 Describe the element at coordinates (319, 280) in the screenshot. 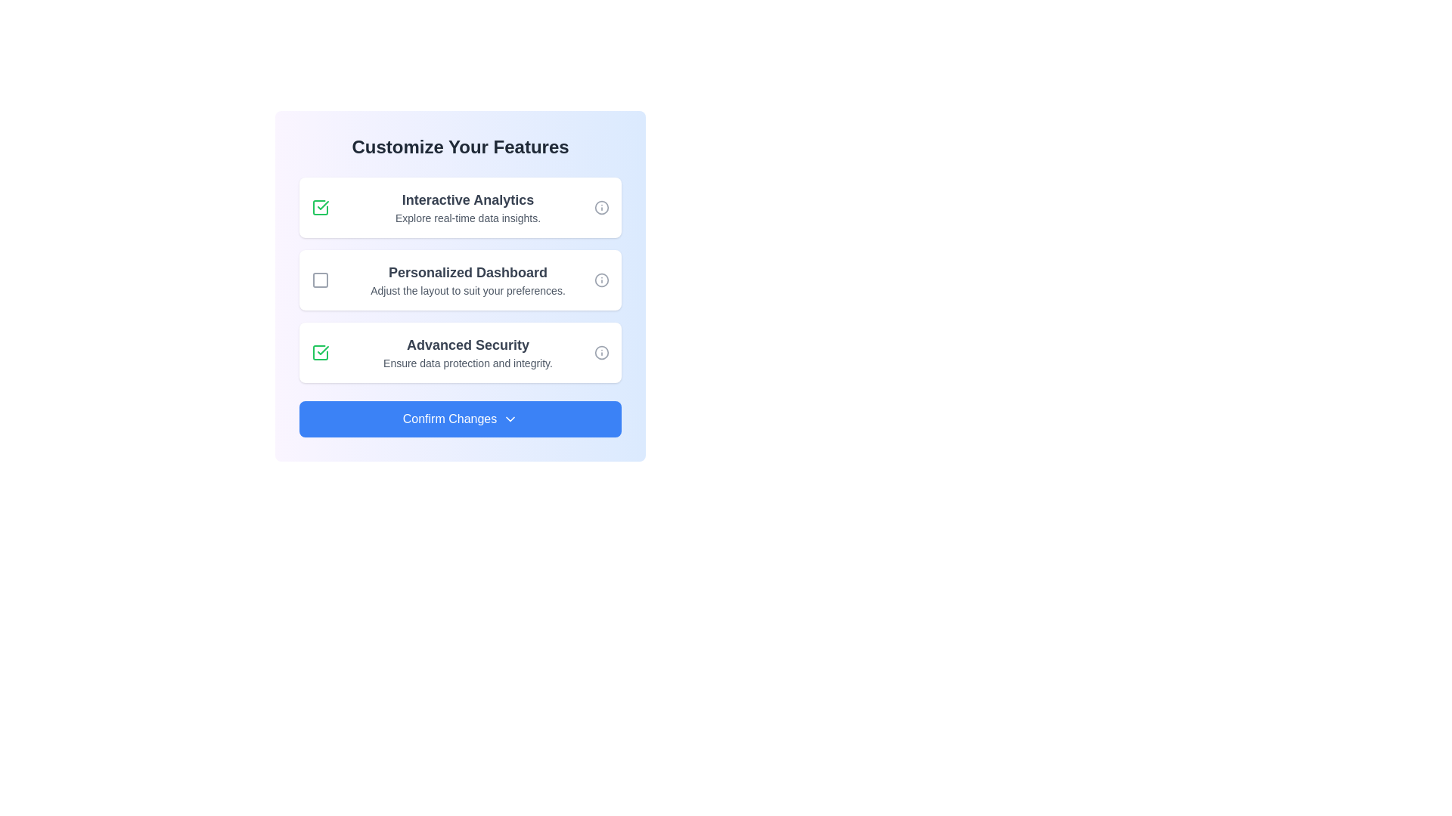

I see `the inner rounded rectangle that serves as a checkbox or status indicator within the 'Personalized Dashboard' section of the interface` at that location.